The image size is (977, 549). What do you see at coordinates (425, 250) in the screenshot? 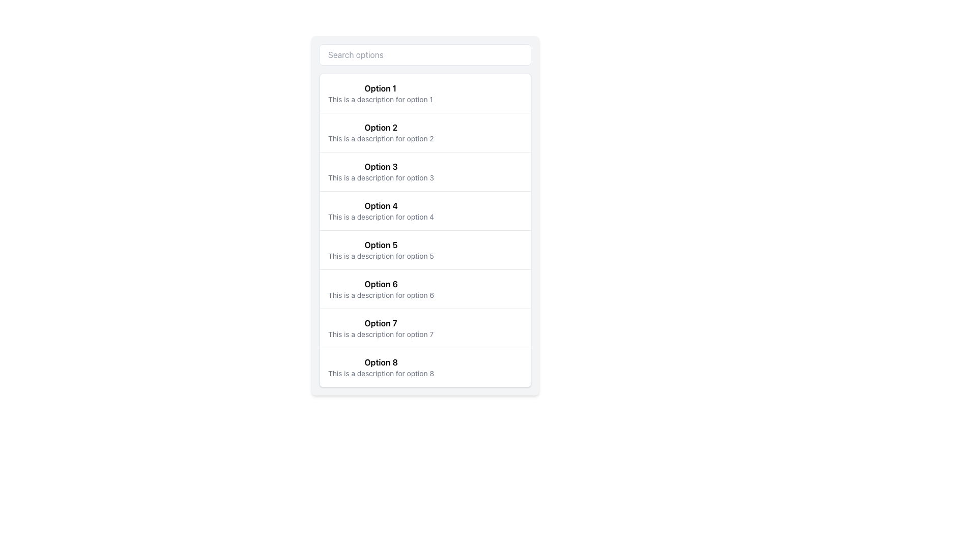
I see `the selectable list item labeled 'Option 5' with a description that reads 'This is a description for option 5'` at bounding box center [425, 250].